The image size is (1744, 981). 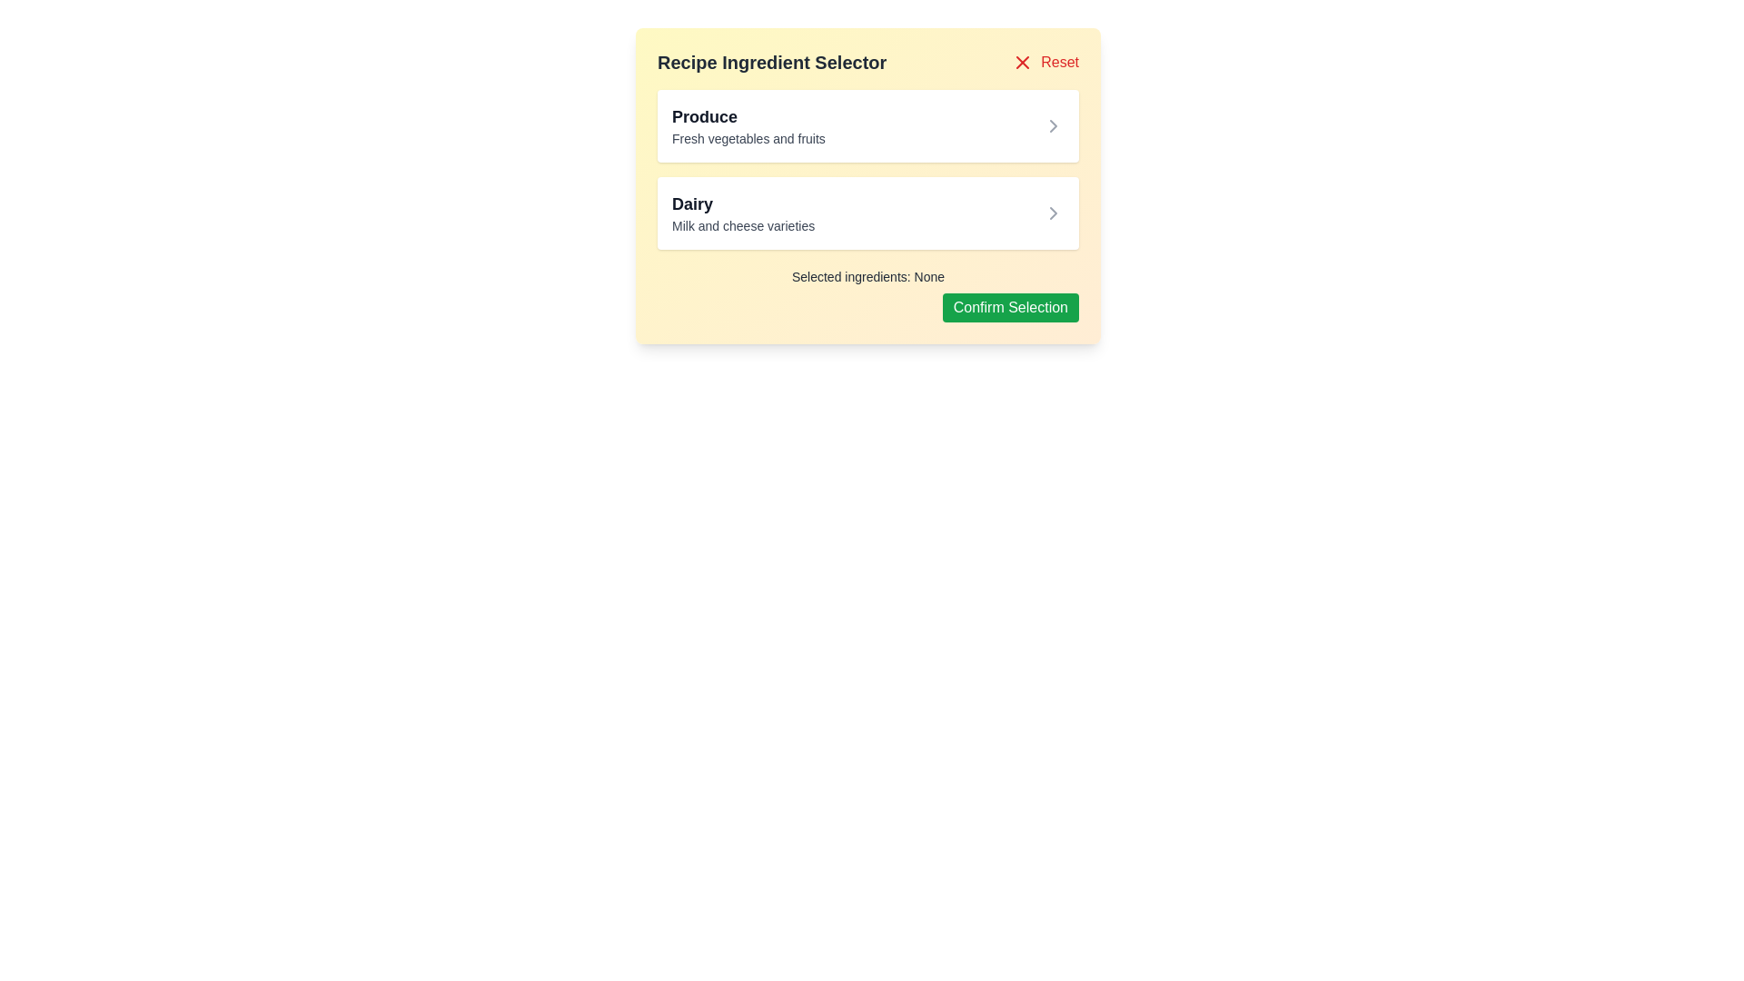 I want to click on the red 'X' icon in the upper-right corner of the 'Recipe Ingredient Selector' component, so click(x=1023, y=62).